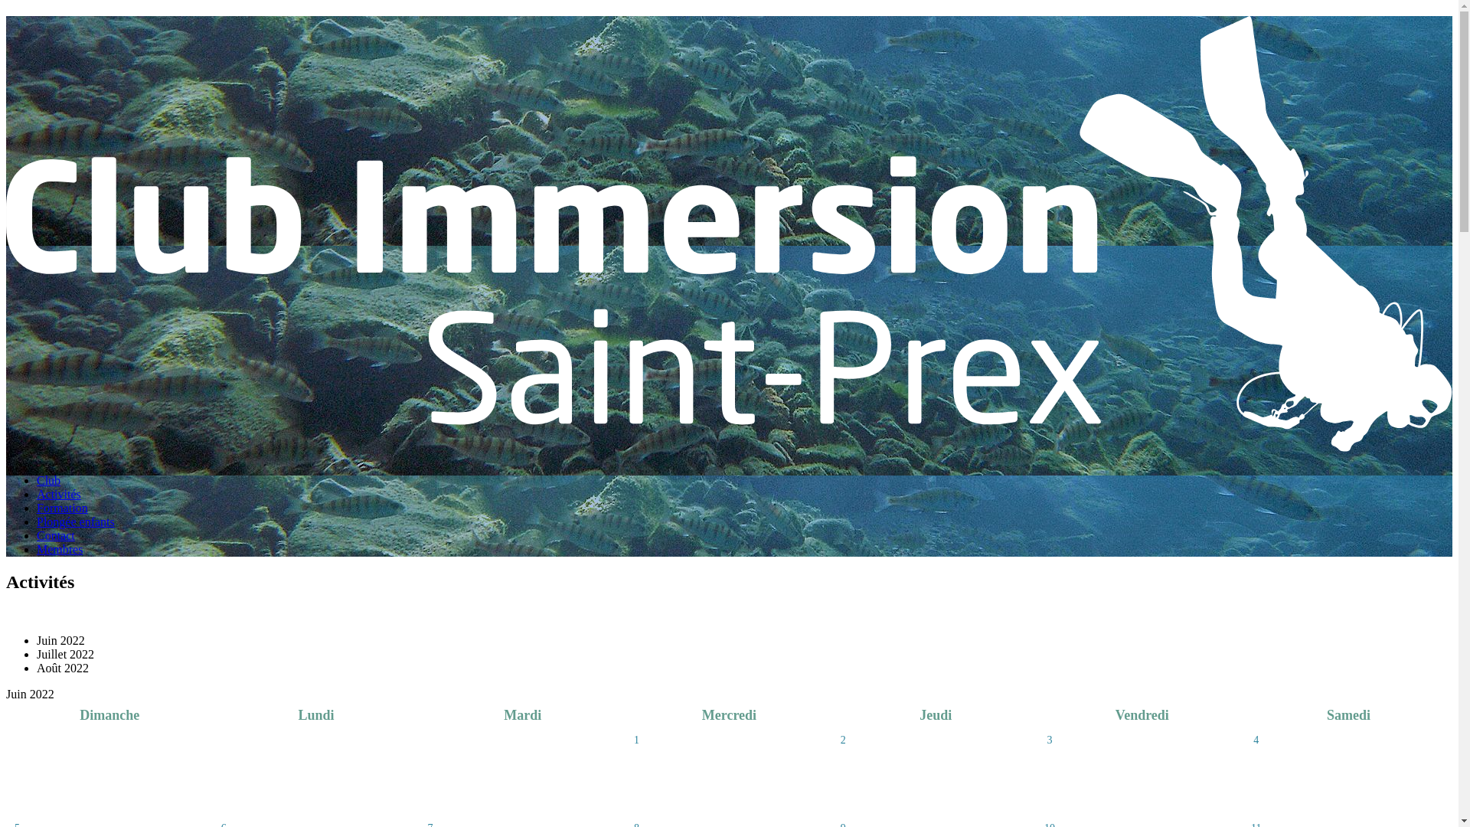 Image resolution: width=1470 pixels, height=827 pixels. What do you see at coordinates (55, 534) in the screenshot?
I see `'Contact'` at bounding box center [55, 534].